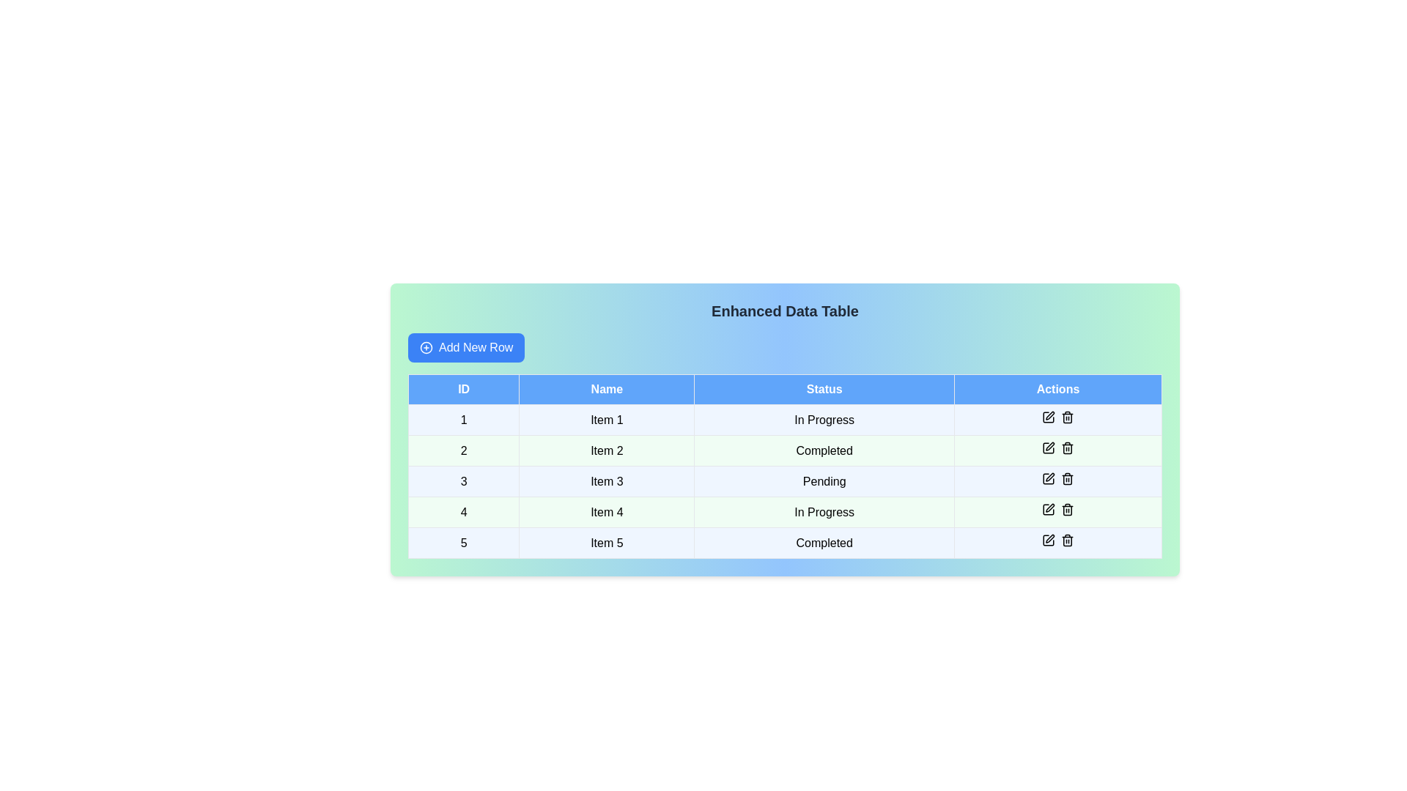  I want to click on the Table Column Header labeled 'Name' with a light-blue background and white bold font, which is the second column header in the table layout, so click(607, 389).